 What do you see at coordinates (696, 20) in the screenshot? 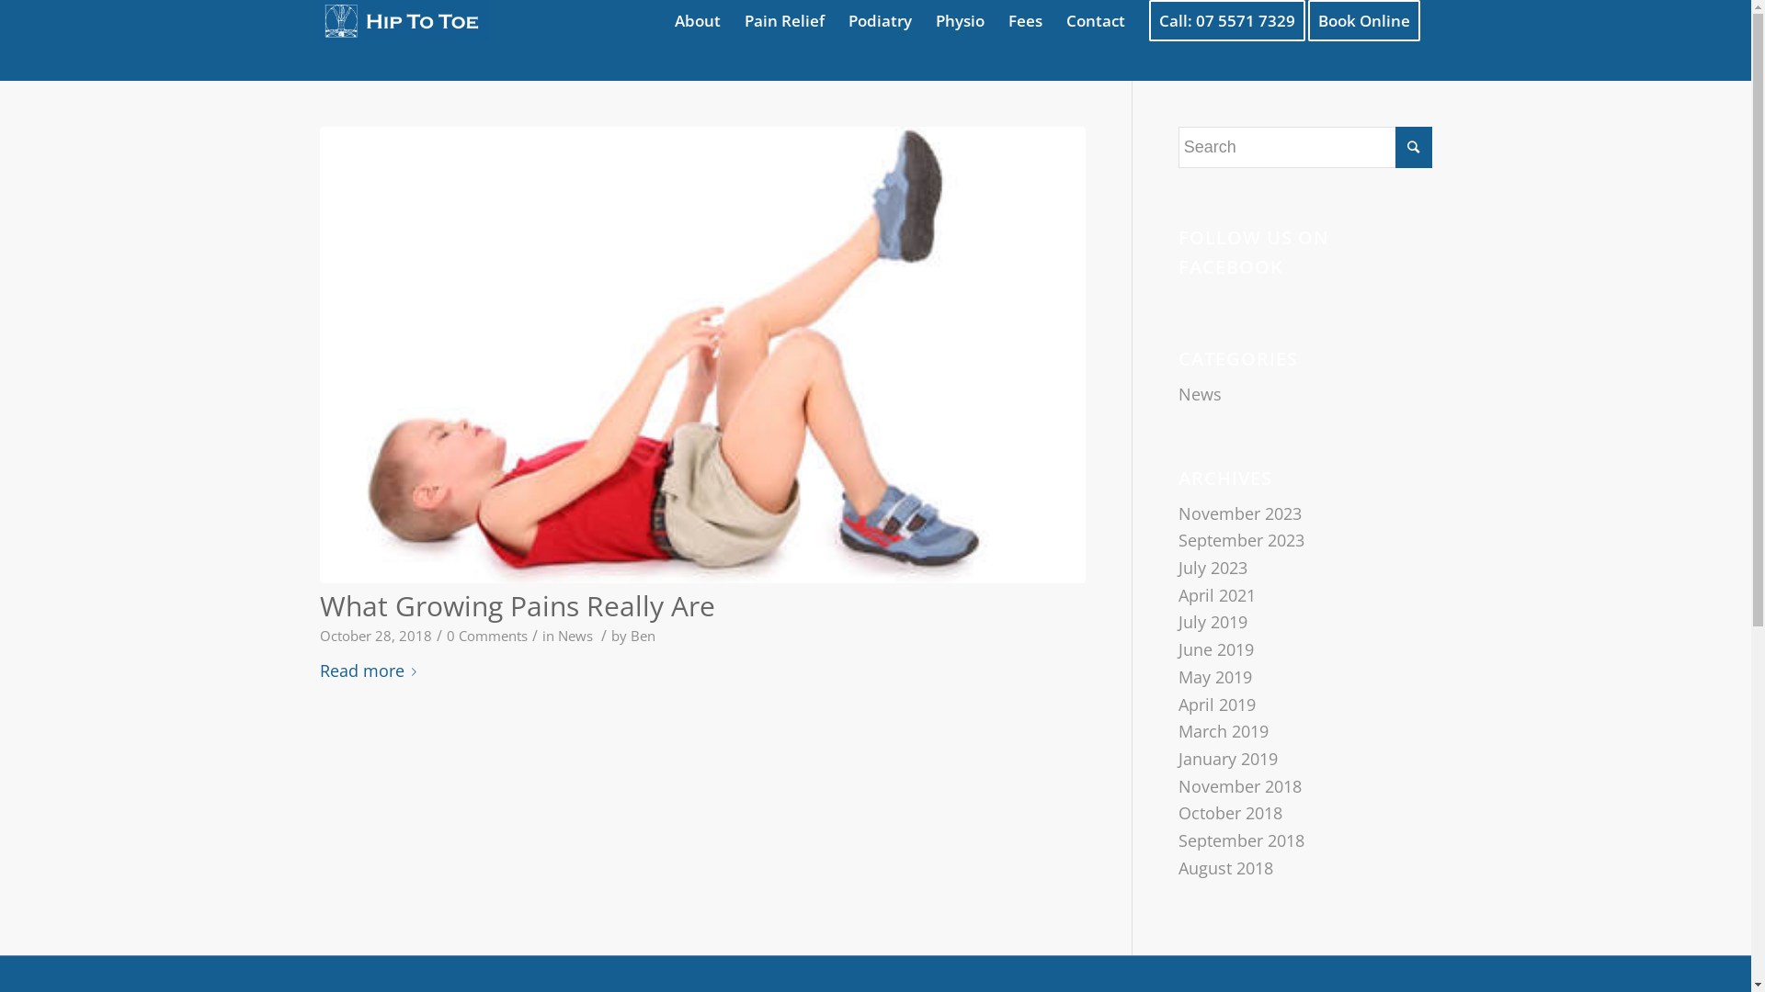
I see `'About'` at bounding box center [696, 20].